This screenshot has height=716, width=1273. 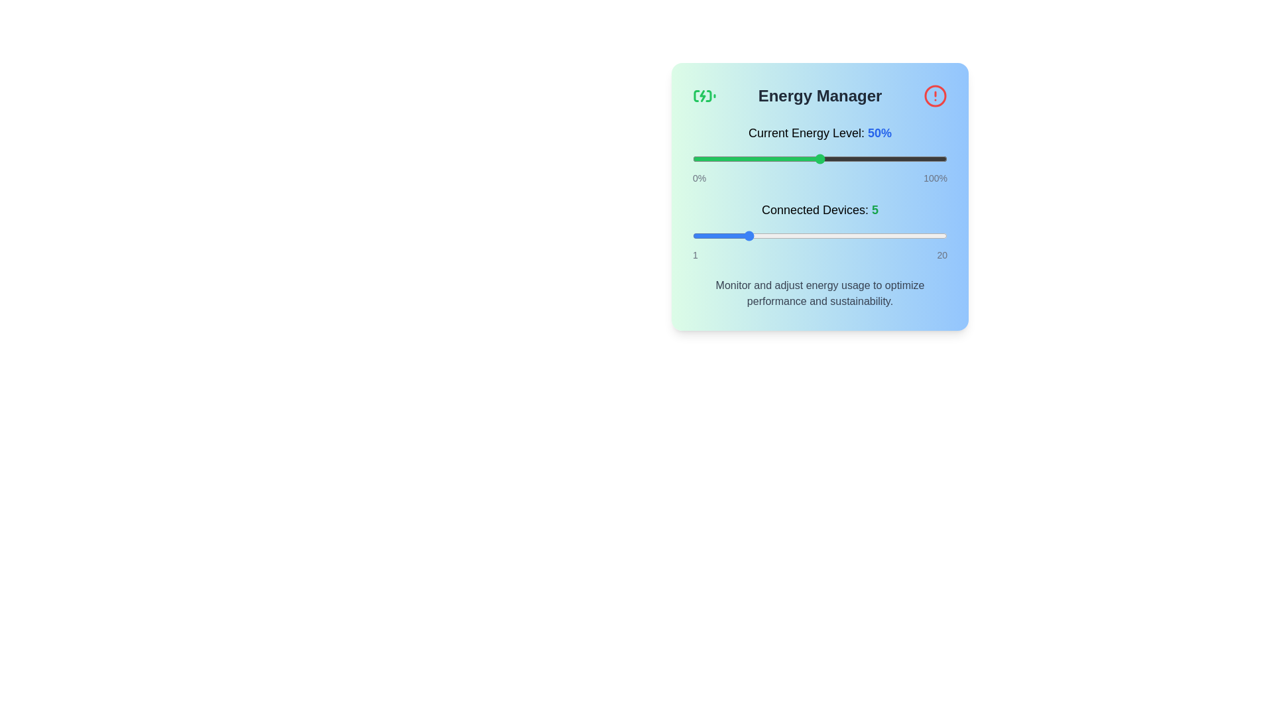 What do you see at coordinates (817, 158) in the screenshot?
I see `the energy level slider to 49%` at bounding box center [817, 158].